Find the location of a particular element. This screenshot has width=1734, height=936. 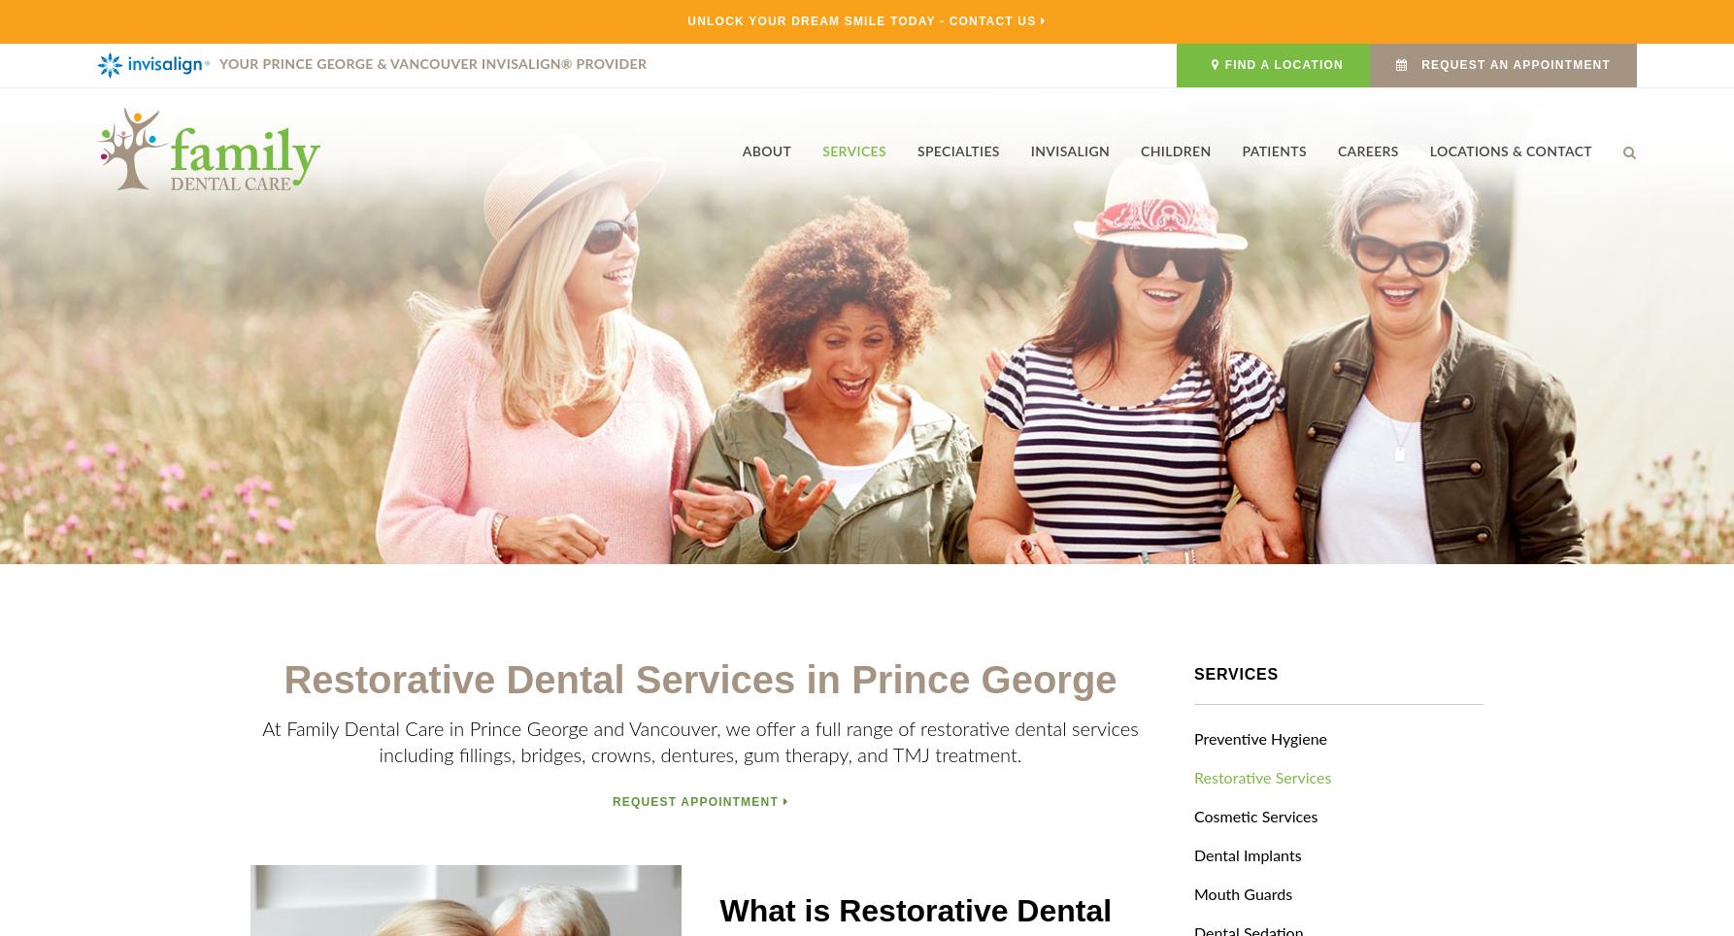

'Children' is located at coordinates (1176, 152).